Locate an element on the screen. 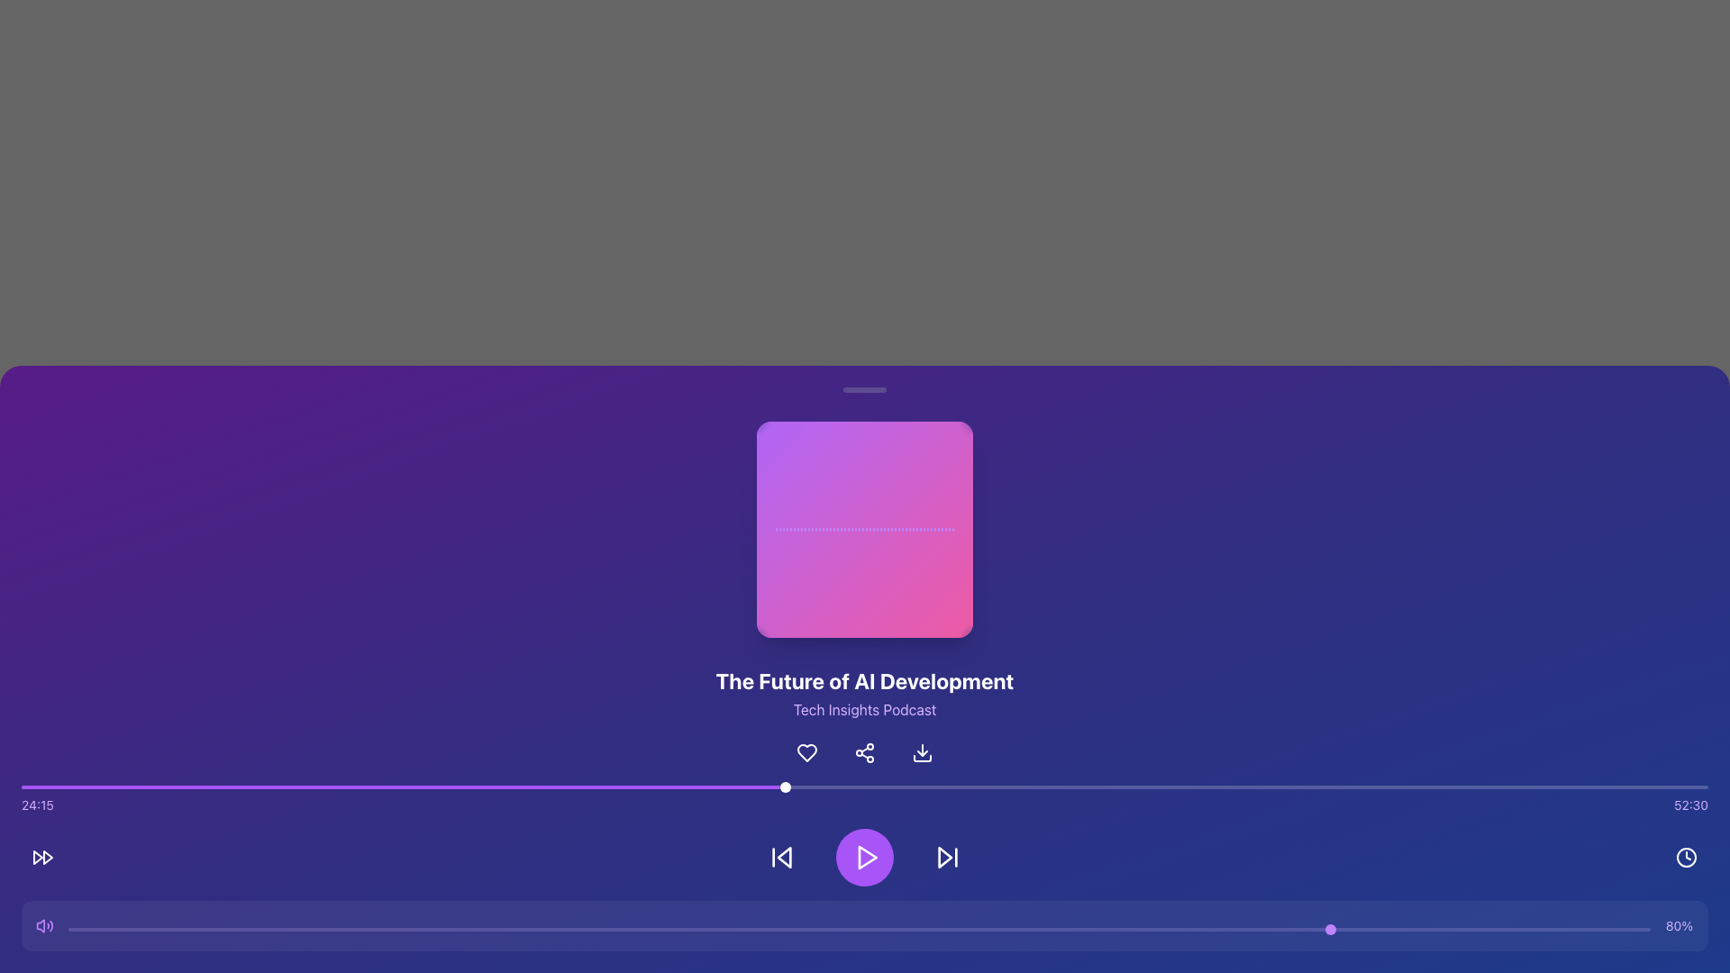 The image size is (1730, 973). progress is located at coordinates (317, 787).